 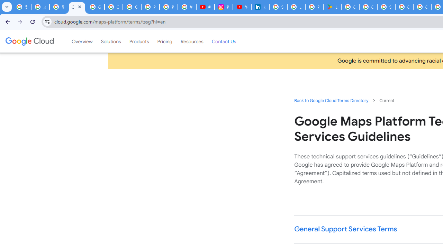 I want to click on 'Solutions', so click(x=111, y=41).